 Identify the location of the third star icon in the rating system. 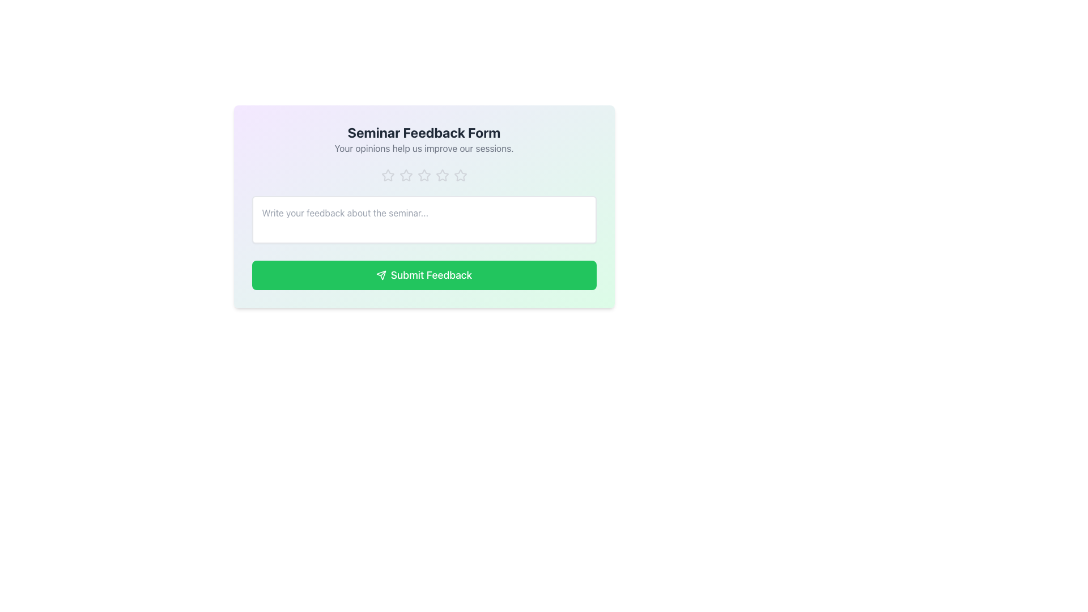
(441, 175).